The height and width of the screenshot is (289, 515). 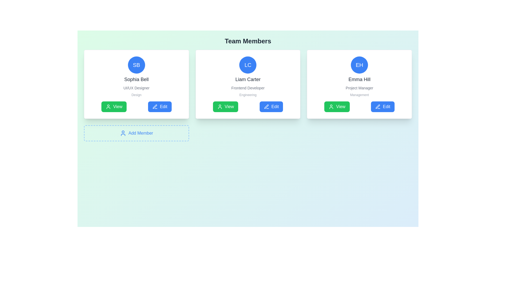 I want to click on text displayed in the Text Label indicating the department or group associated with 'Liam Carter', positioned below the job title 'Frontend Developer' in the central profile card, so click(x=248, y=94).